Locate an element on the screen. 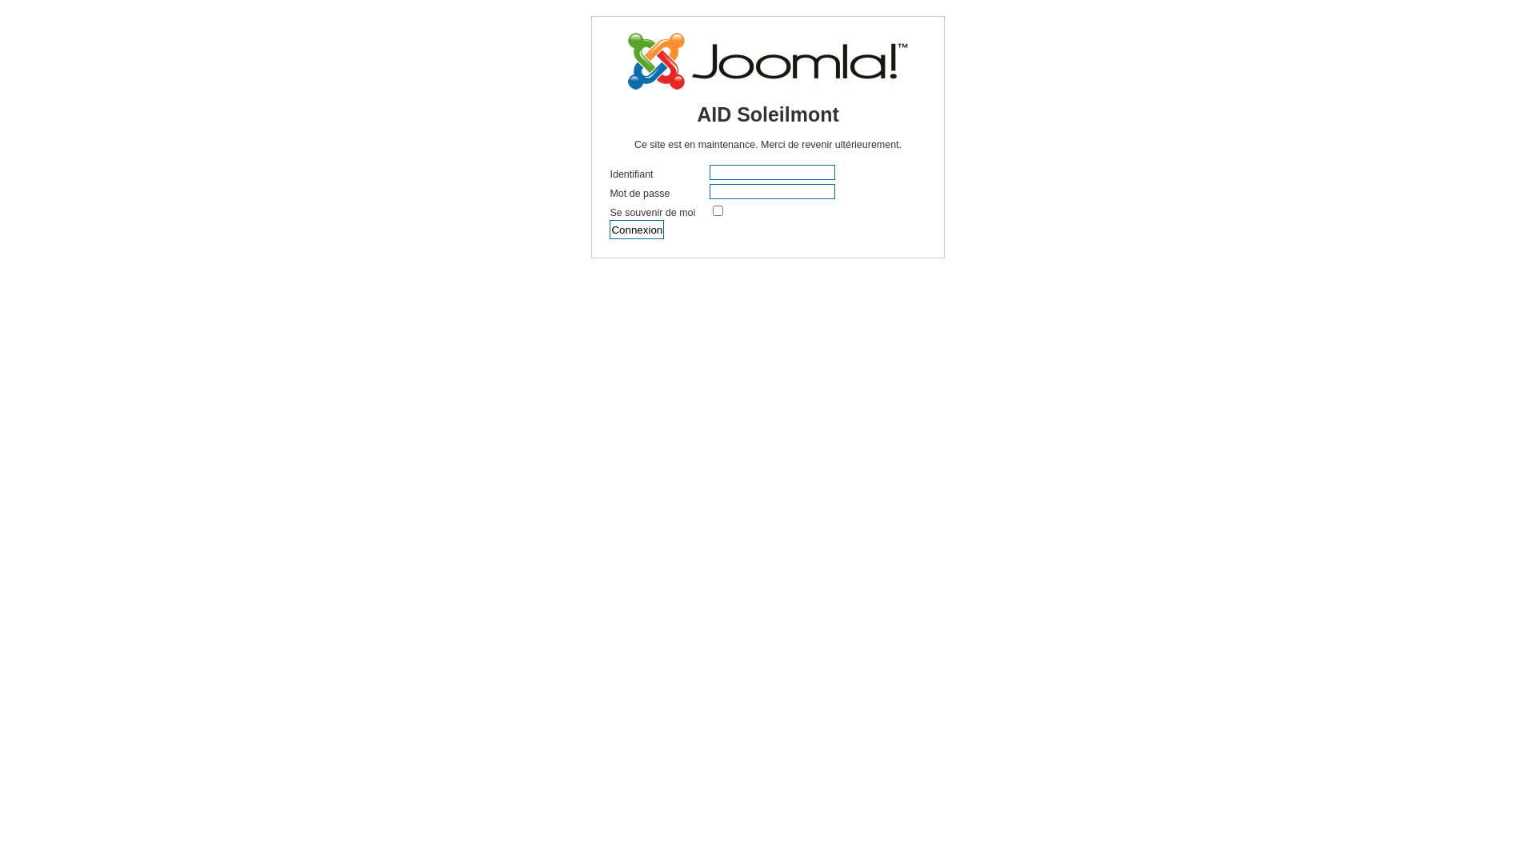 This screenshot has width=1536, height=864. 'Connexion' is located at coordinates (609, 229).